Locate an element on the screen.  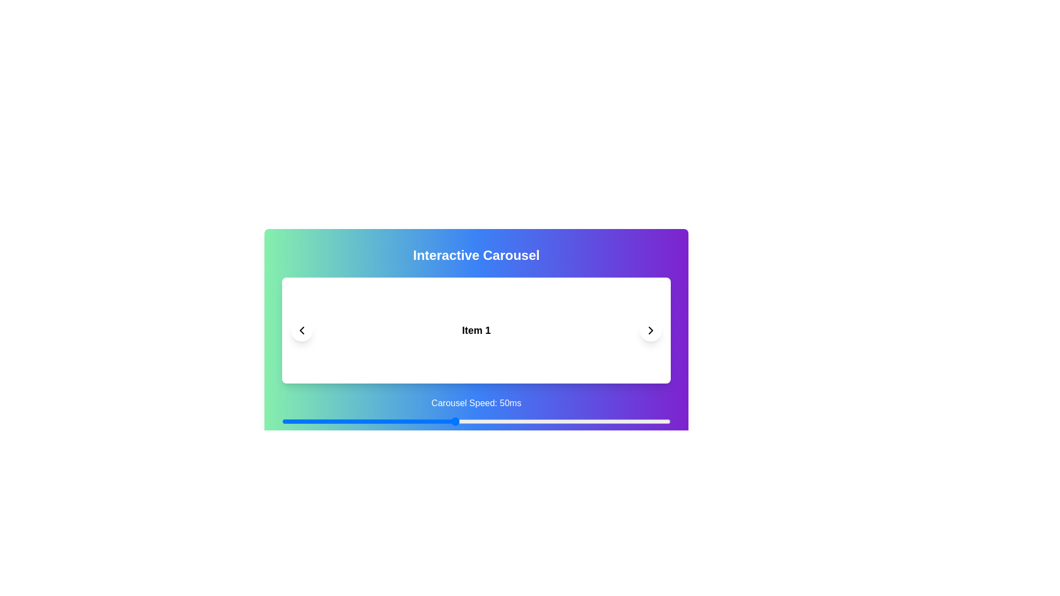
the right navigation button of the carousel to navigate to the next item is located at coordinates (651, 329).